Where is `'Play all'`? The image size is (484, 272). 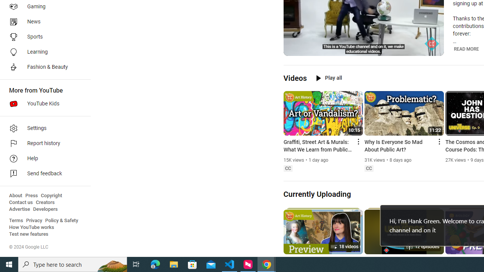 'Play all' is located at coordinates (329, 78).